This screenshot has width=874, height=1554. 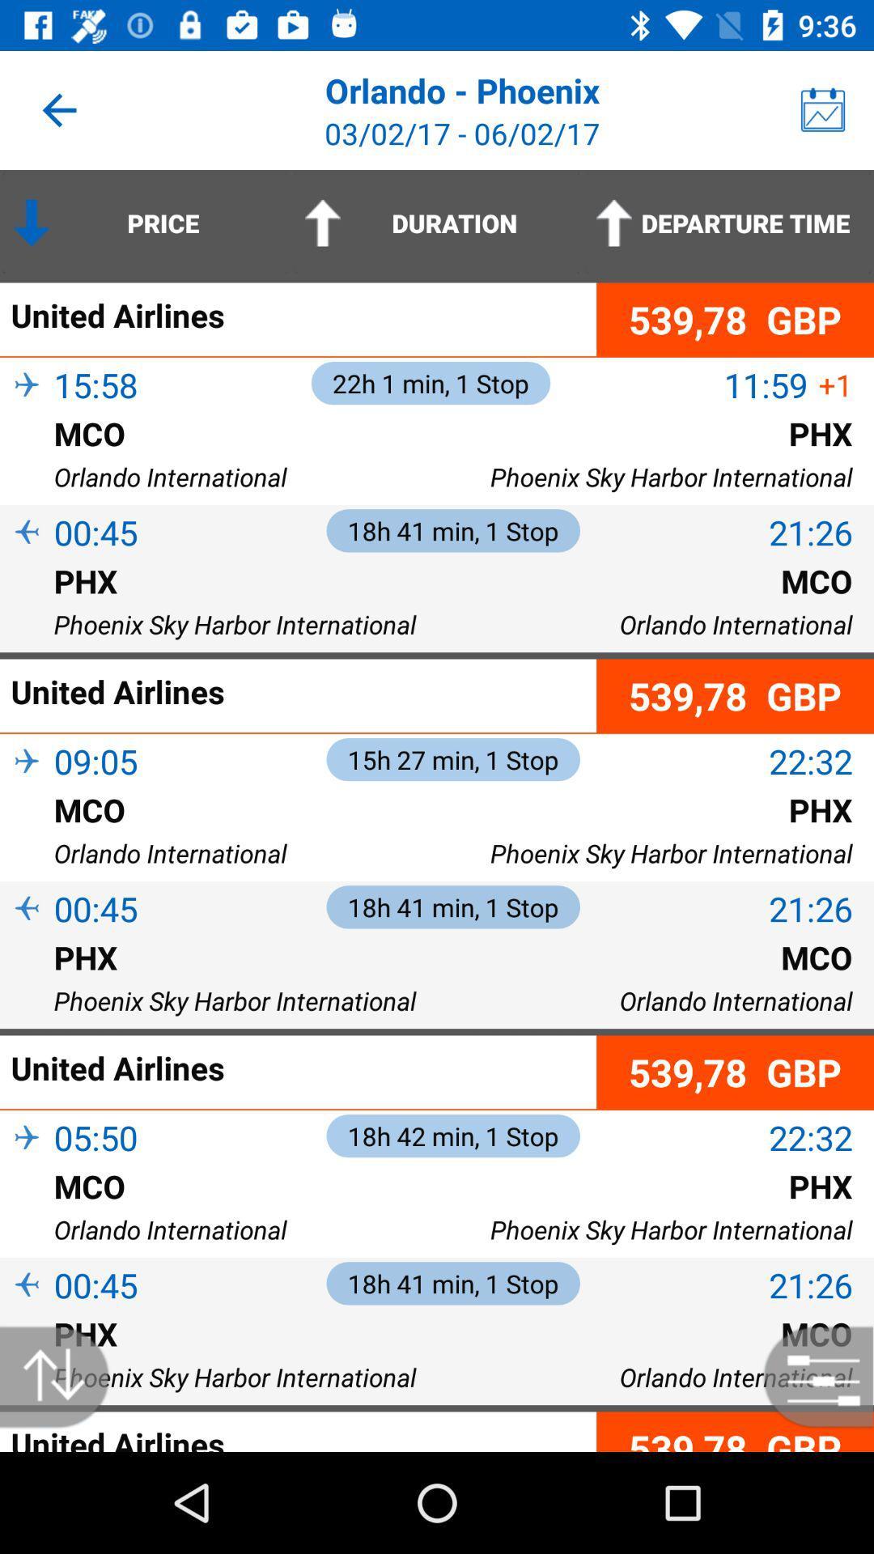 What do you see at coordinates (823, 109) in the screenshot?
I see `the item next to the orlando - phoenix item` at bounding box center [823, 109].